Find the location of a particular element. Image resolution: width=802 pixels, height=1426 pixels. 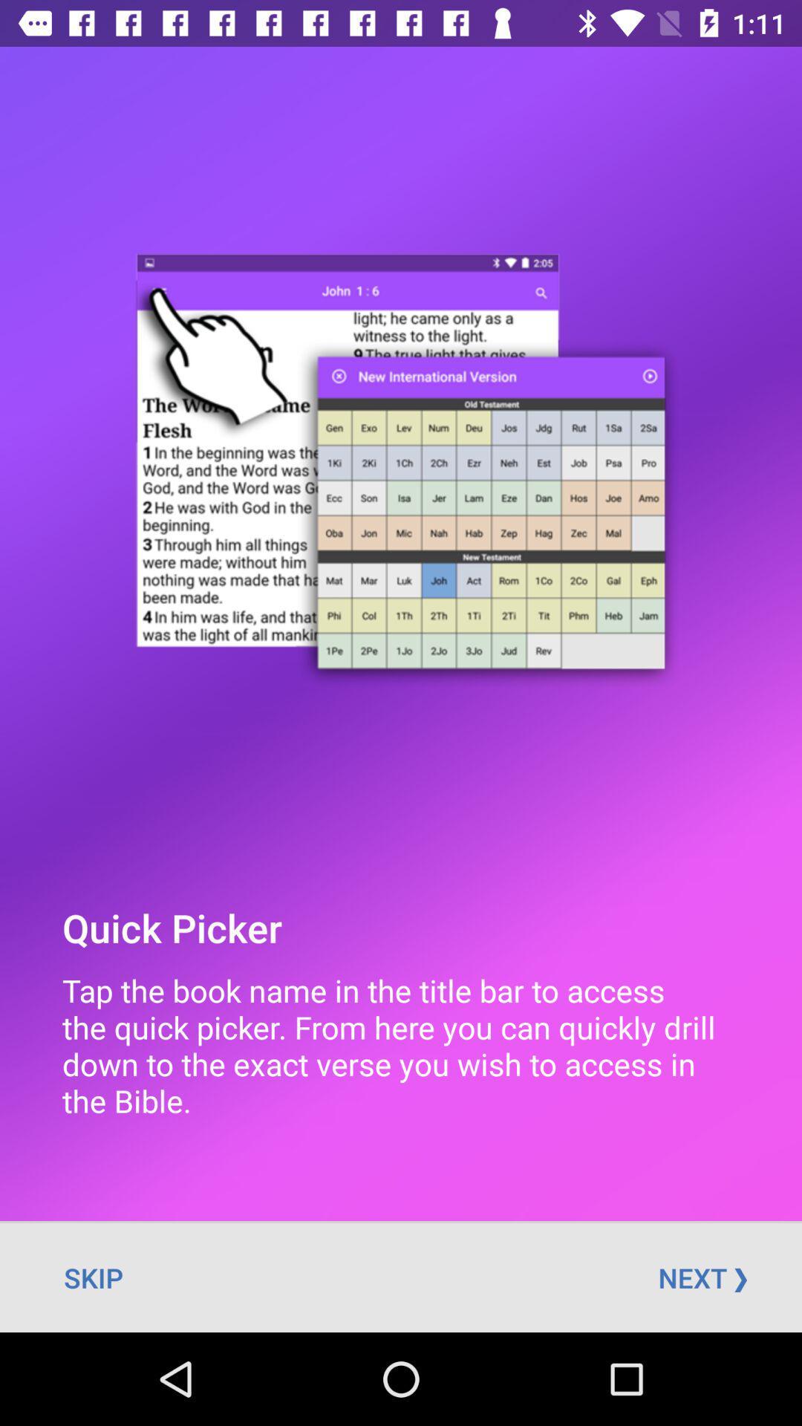

item at the bottom right corner is located at coordinates (702, 1277).